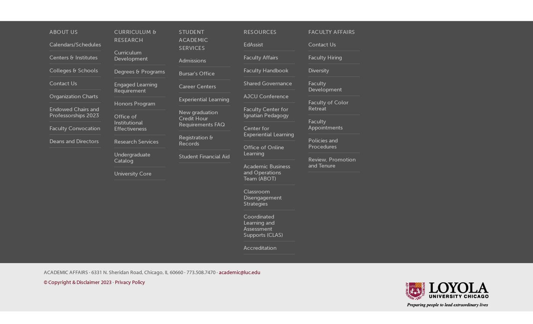 Image resolution: width=533 pixels, height=324 pixels. I want to click on '60660', so click(176, 271).